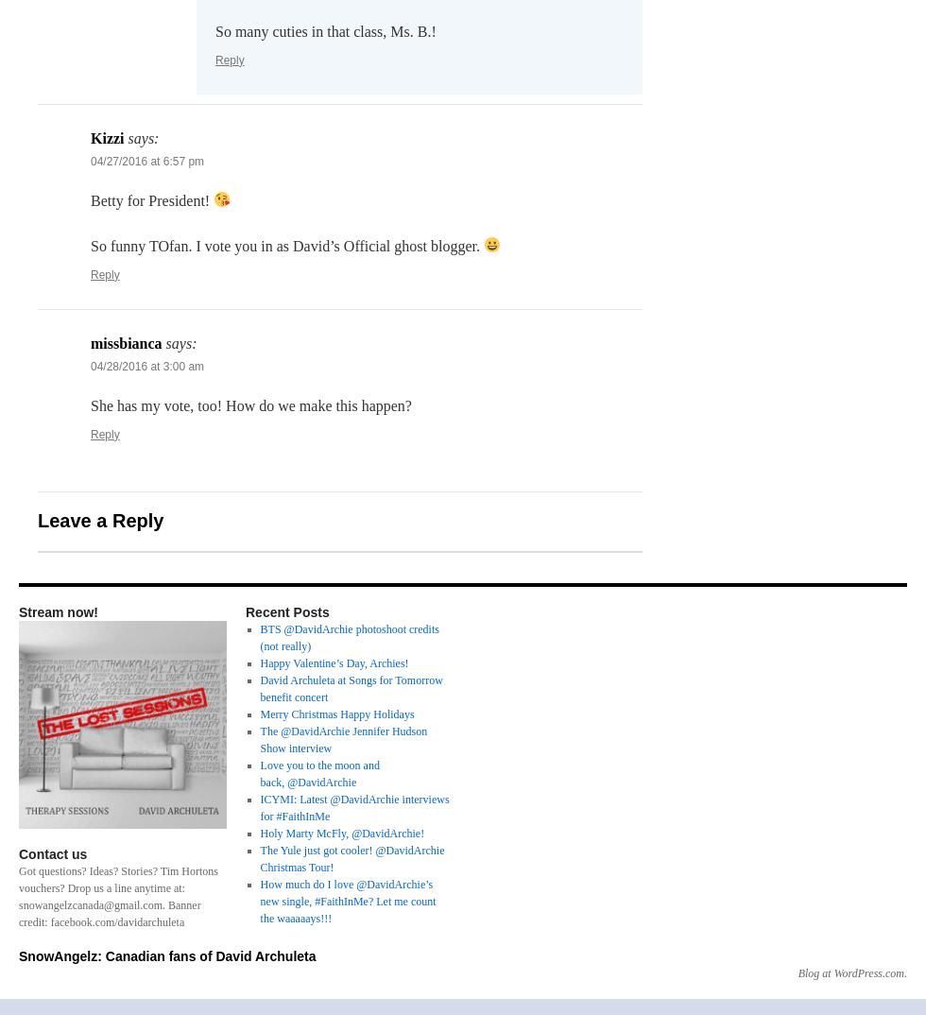 The image size is (926, 1015). Describe the element at coordinates (334, 662) in the screenshot. I see `'Happy Valentine’s Day, Archies!'` at that location.